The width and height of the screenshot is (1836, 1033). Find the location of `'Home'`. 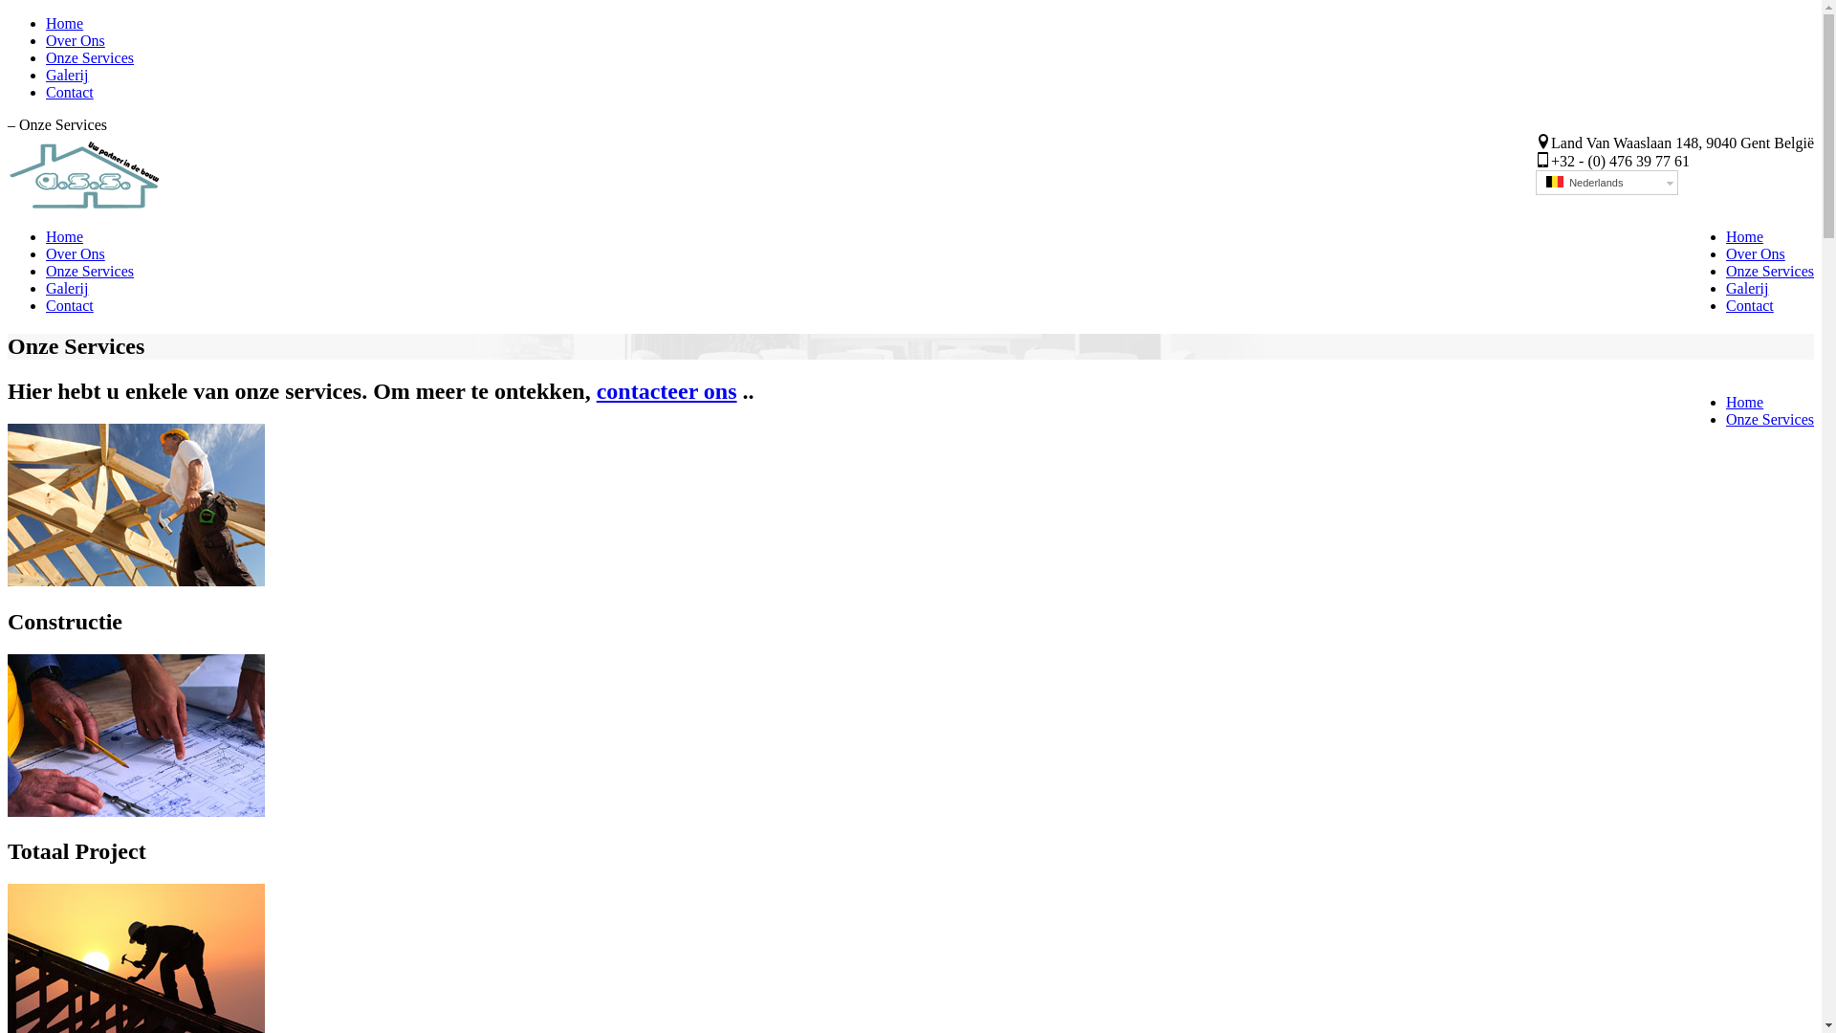

'Home' is located at coordinates (64, 235).